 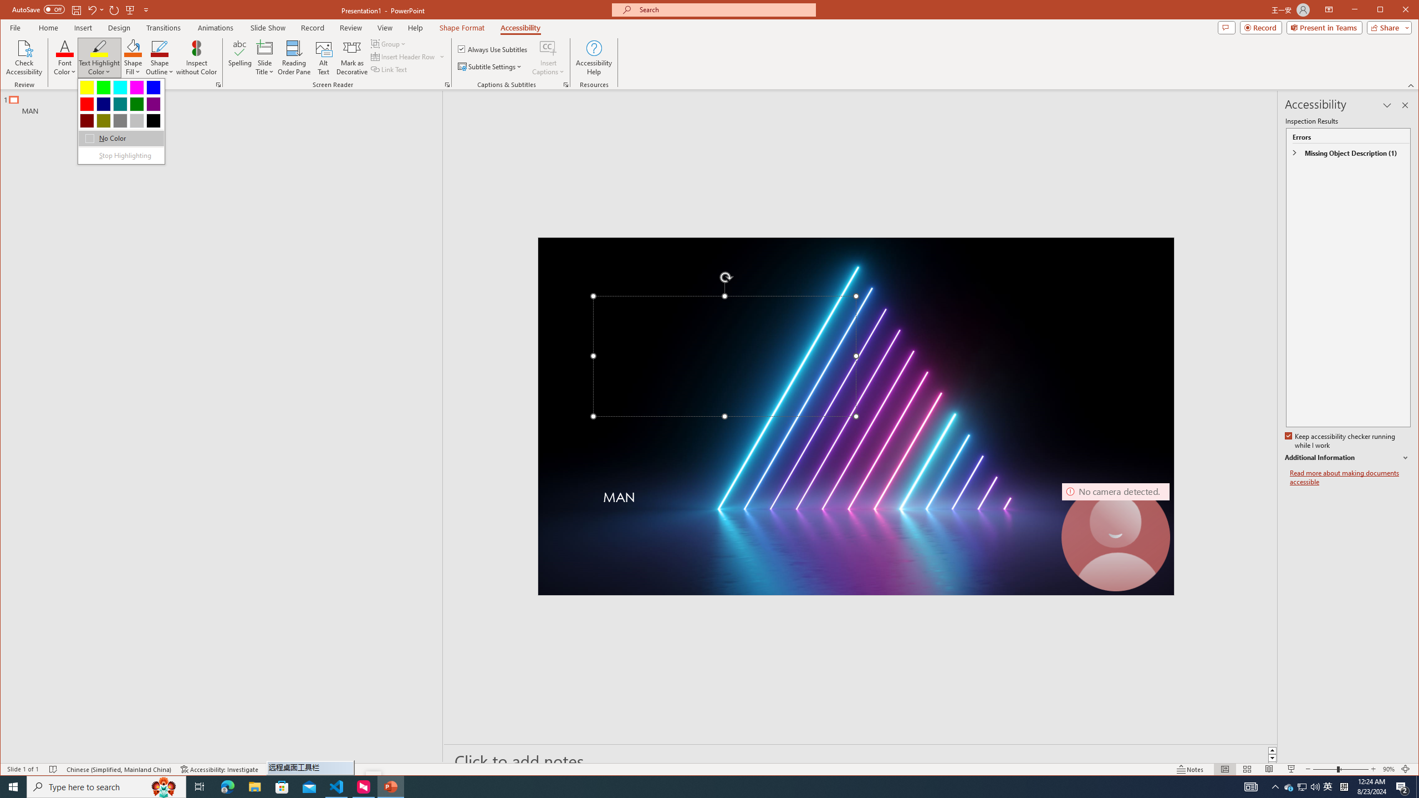 I want to click on 'Keep accessibility checker running while I work', so click(x=1340, y=441).